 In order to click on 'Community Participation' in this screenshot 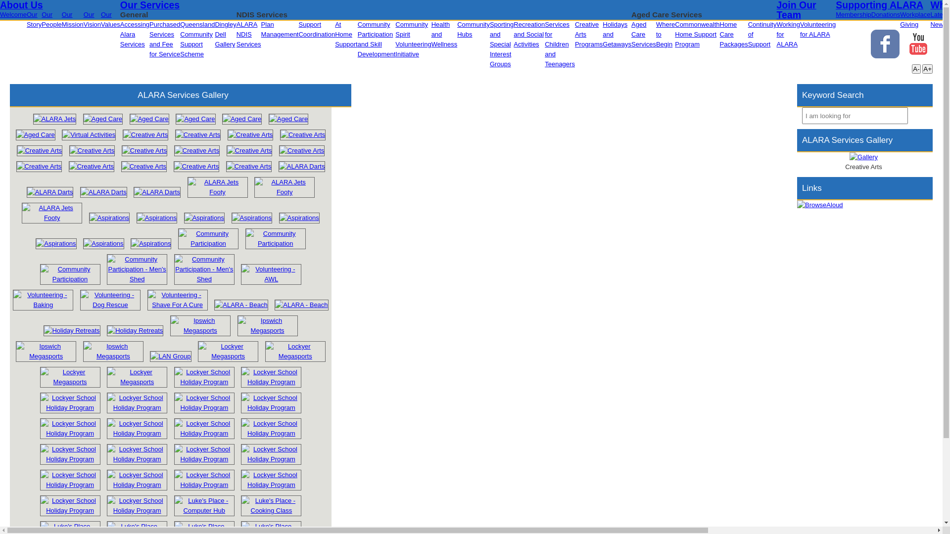, I will do `click(208, 243)`.